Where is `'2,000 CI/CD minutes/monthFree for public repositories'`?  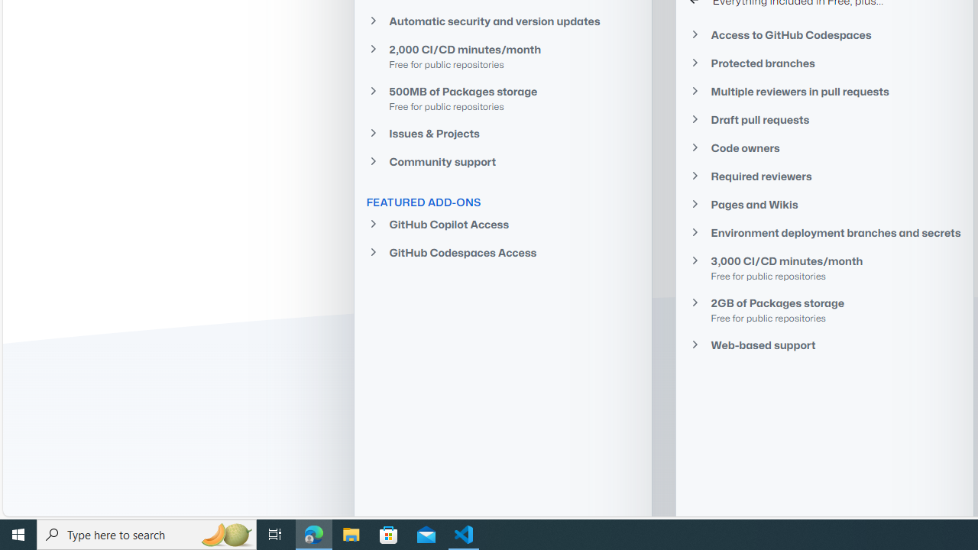 '2,000 CI/CD minutes/monthFree for public repositories' is located at coordinates (502, 55).